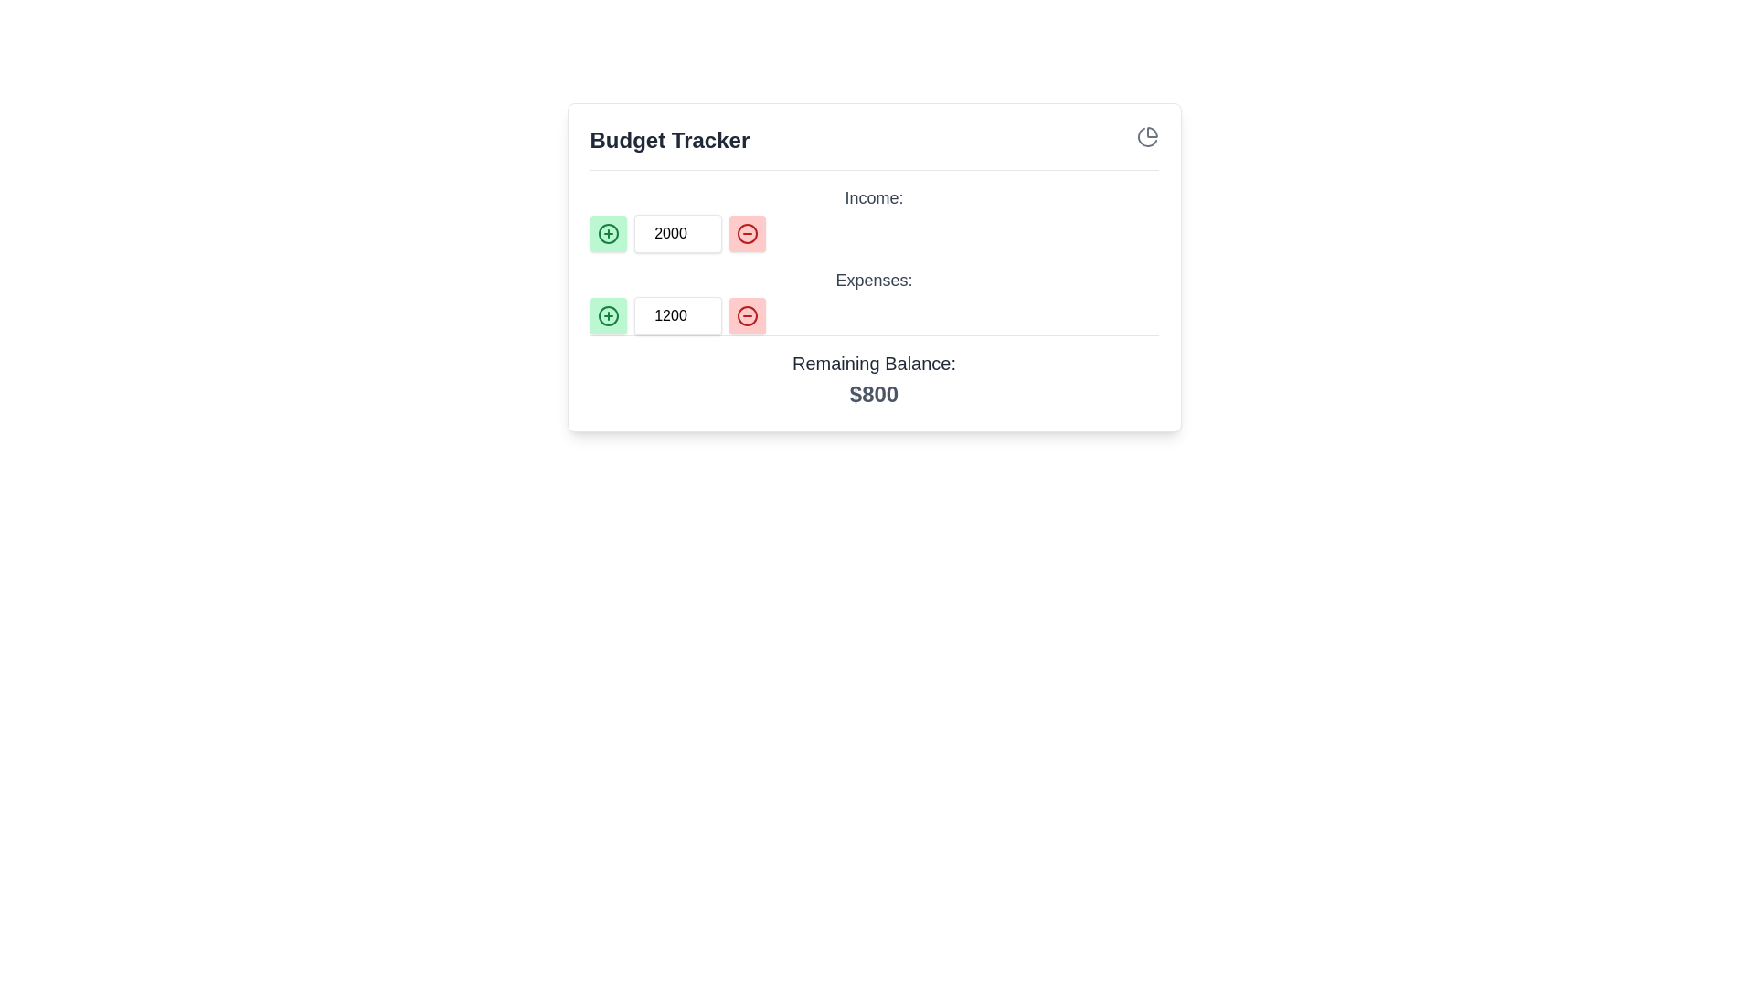 The image size is (1755, 987). What do you see at coordinates (1151, 132) in the screenshot?
I see `the right arc segment of the SVG pie chart located in the top-right corner of the 'Budget Tracker' card` at bounding box center [1151, 132].